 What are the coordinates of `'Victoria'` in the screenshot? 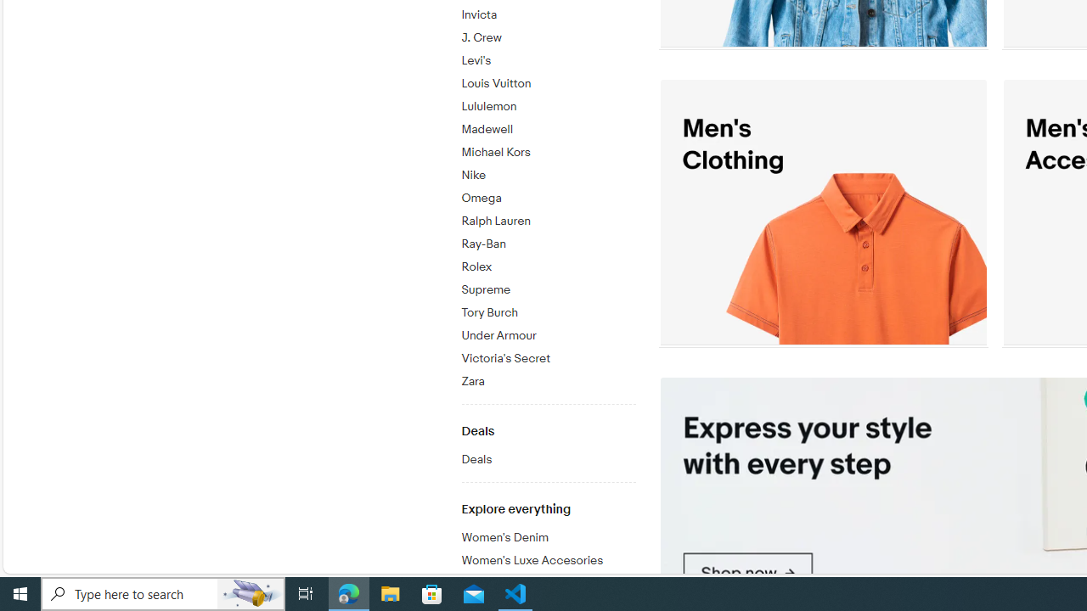 It's located at (548, 358).